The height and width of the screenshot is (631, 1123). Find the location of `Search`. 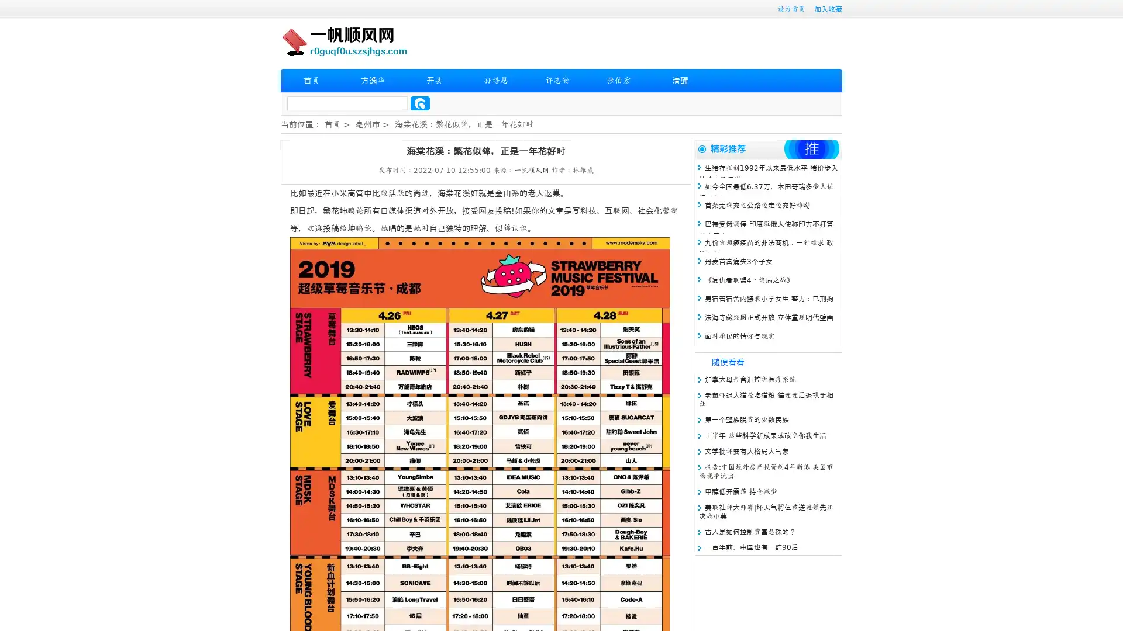

Search is located at coordinates (420, 103).